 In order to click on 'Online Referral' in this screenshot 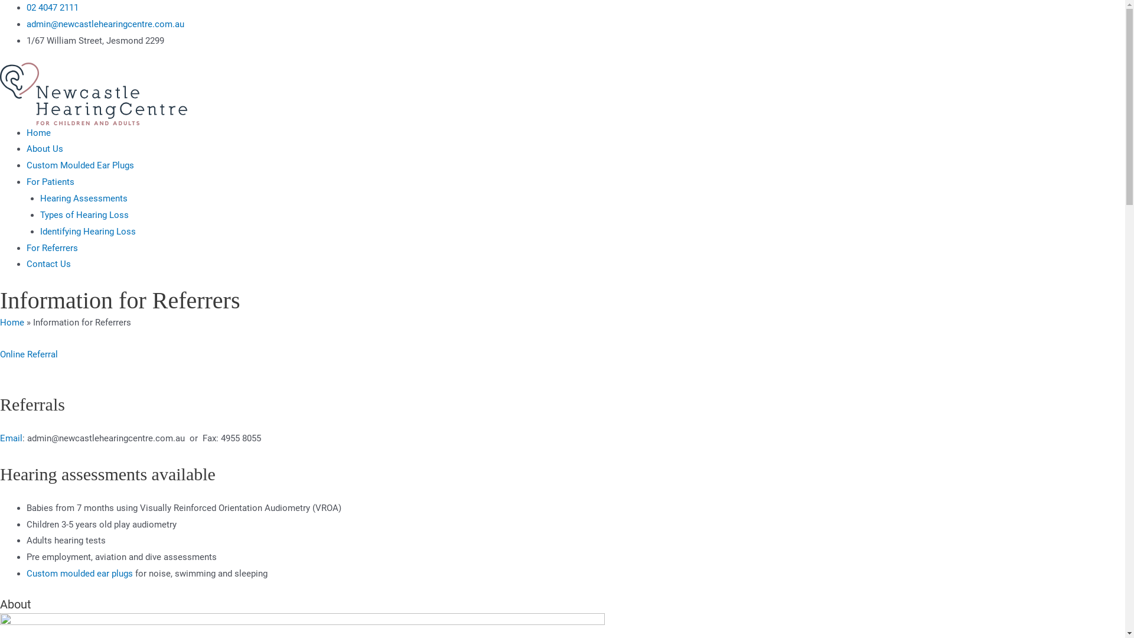, I will do `click(28, 354)`.